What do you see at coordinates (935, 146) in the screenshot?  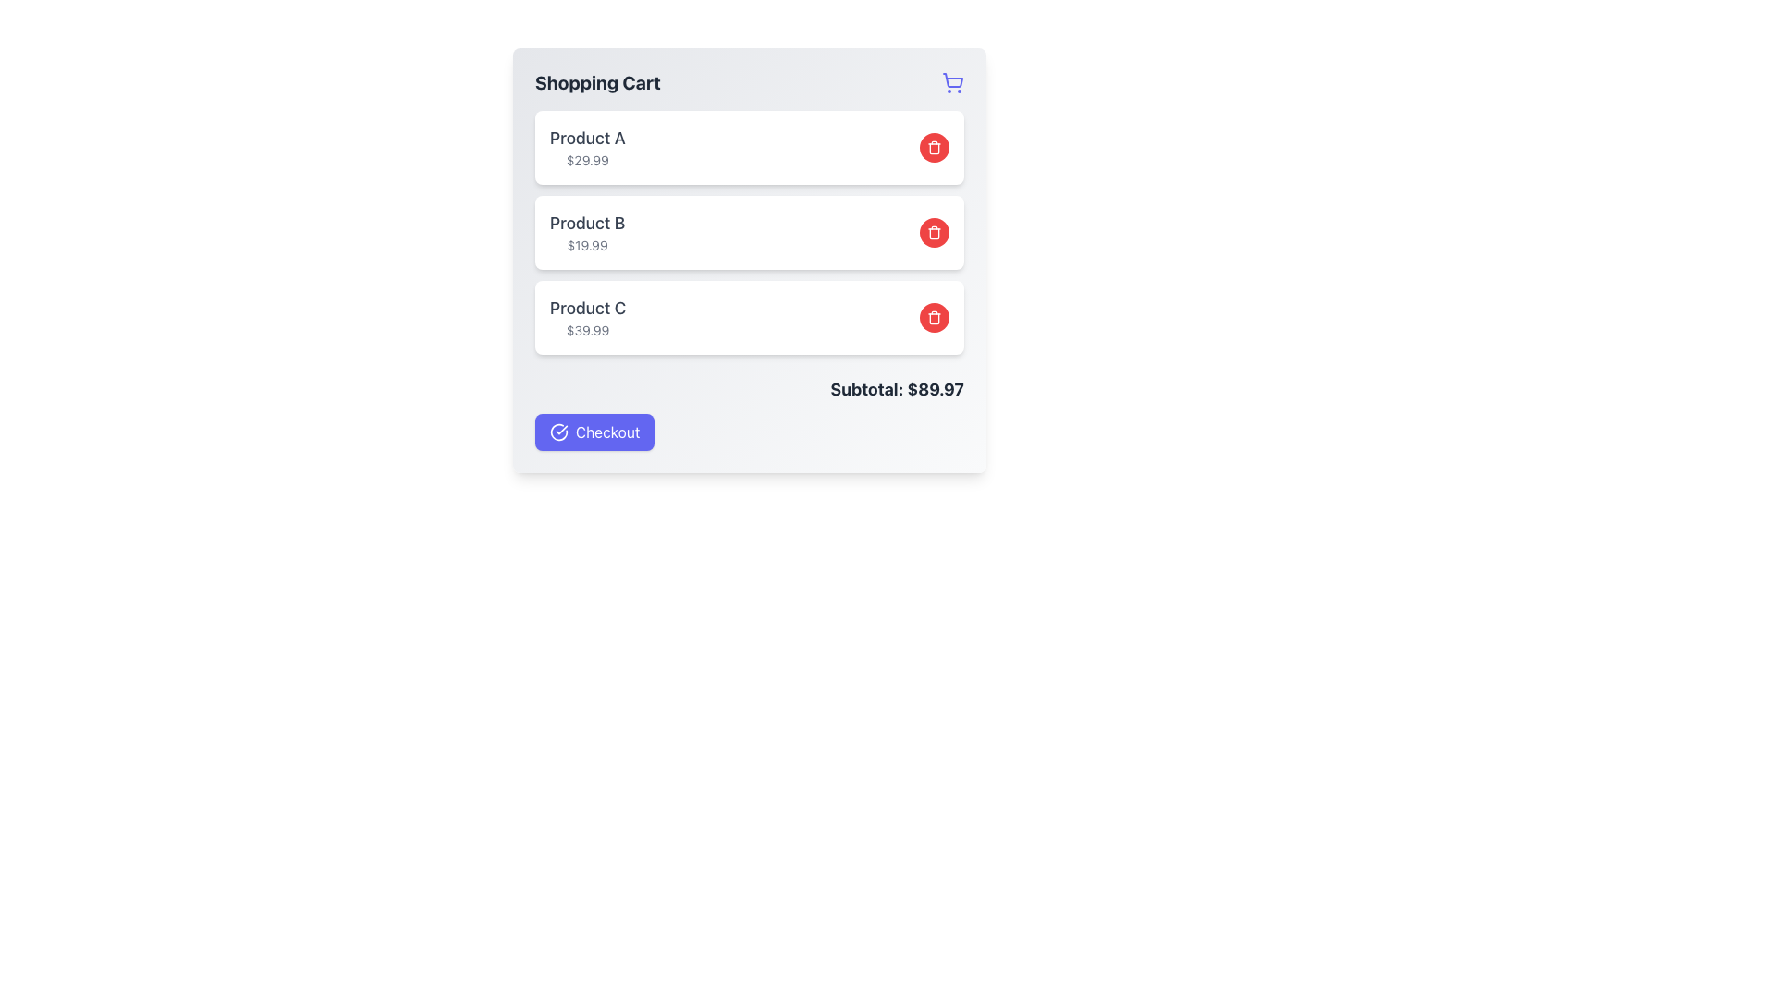 I see `the delete button for 'Product A' located at the far right of the product description` at bounding box center [935, 146].